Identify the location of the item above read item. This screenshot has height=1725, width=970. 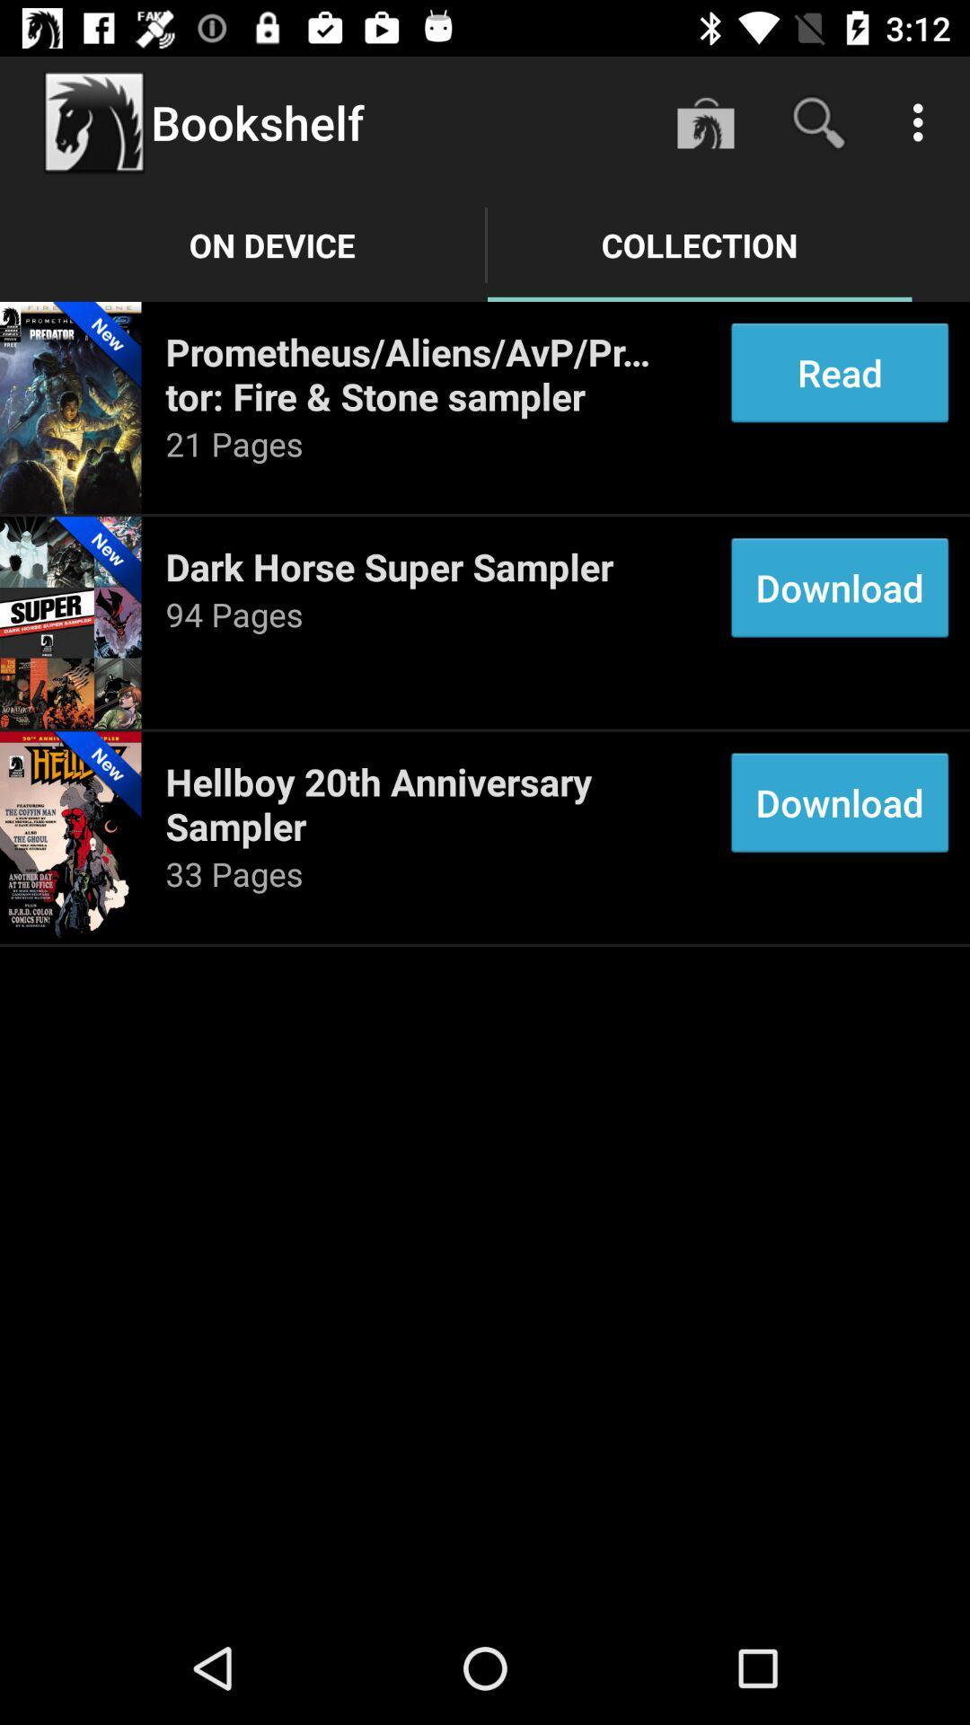
(922, 121).